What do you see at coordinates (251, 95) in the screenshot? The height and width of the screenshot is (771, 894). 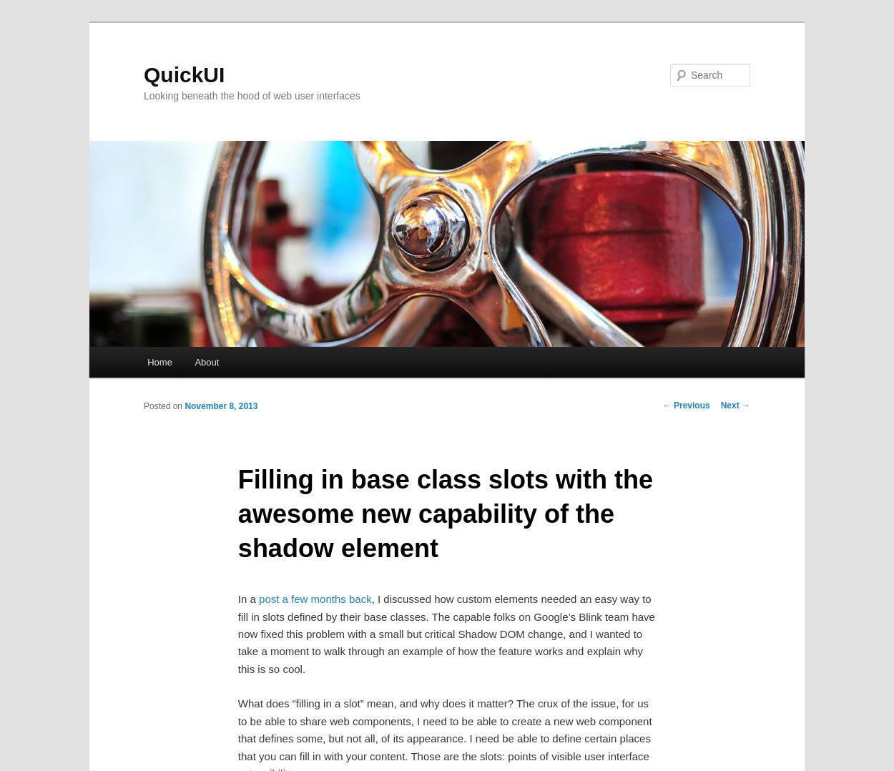 I see `'Looking beneath the hood of web user interfaces'` at bounding box center [251, 95].